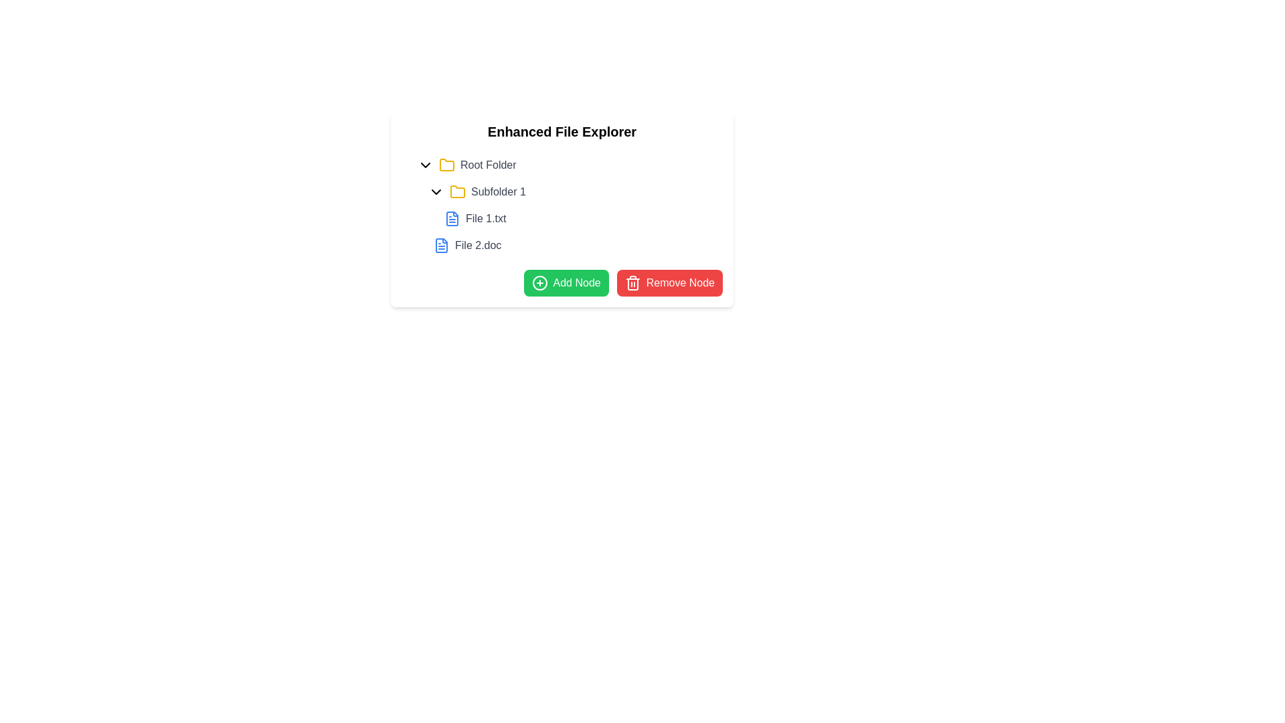 This screenshot has height=723, width=1285. Describe the element at coordinates (487, 164) in the screenshot. I see `the label displaying the name 'Root Folder' in the Enhanced File Explorer, located to the right of the yellow folder icon` at that location.